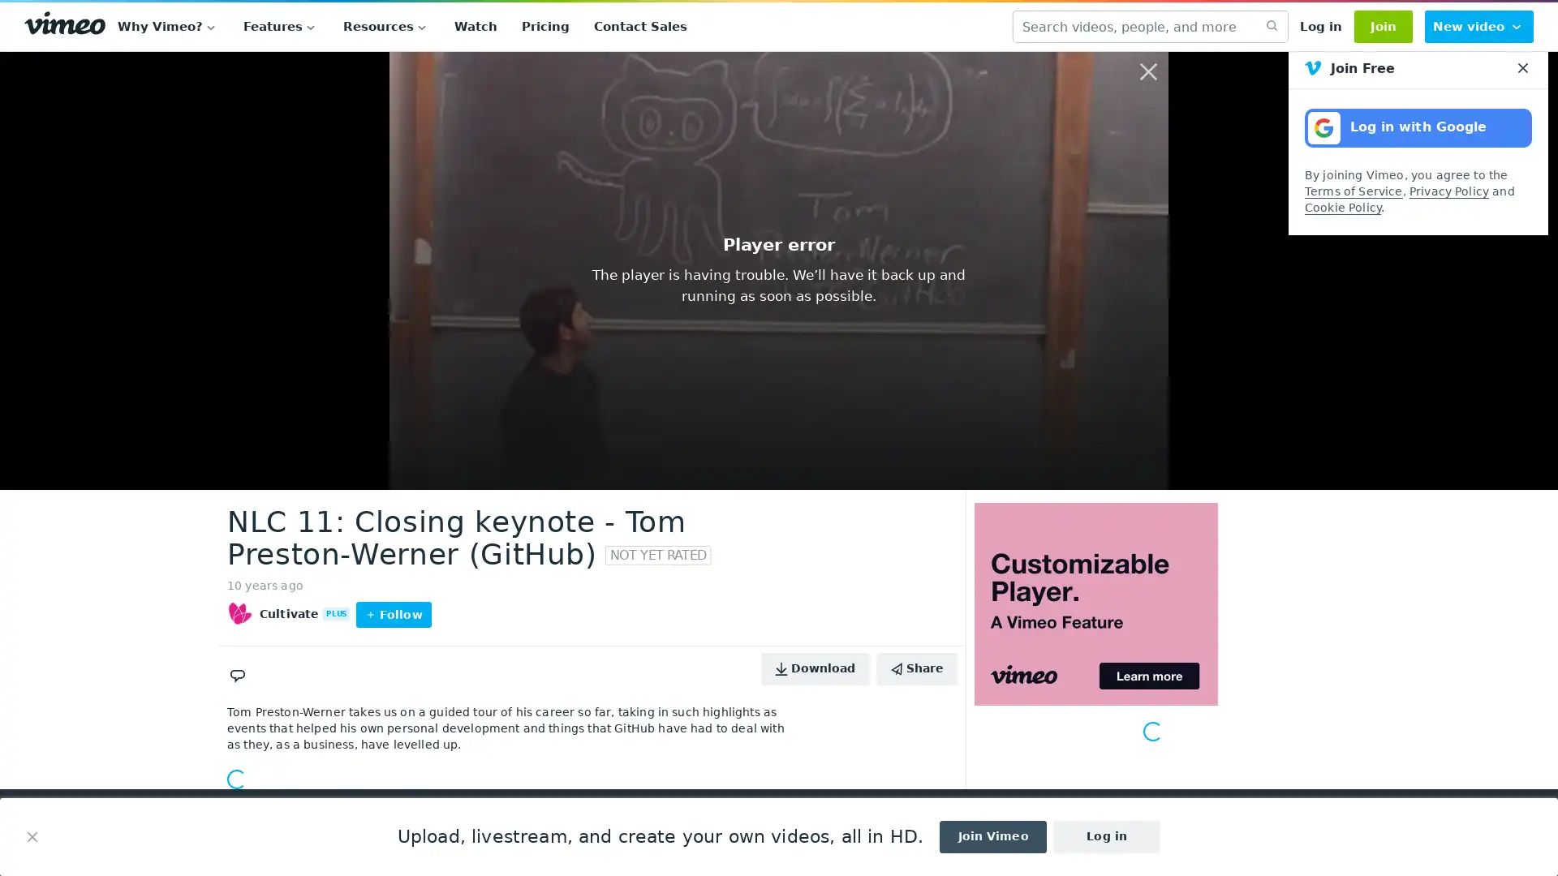 The image size is (1558, 876). What do you see at coordinates (1382, 27) in the screenshot?
I see `Join` at bounding box center [1382, 27].